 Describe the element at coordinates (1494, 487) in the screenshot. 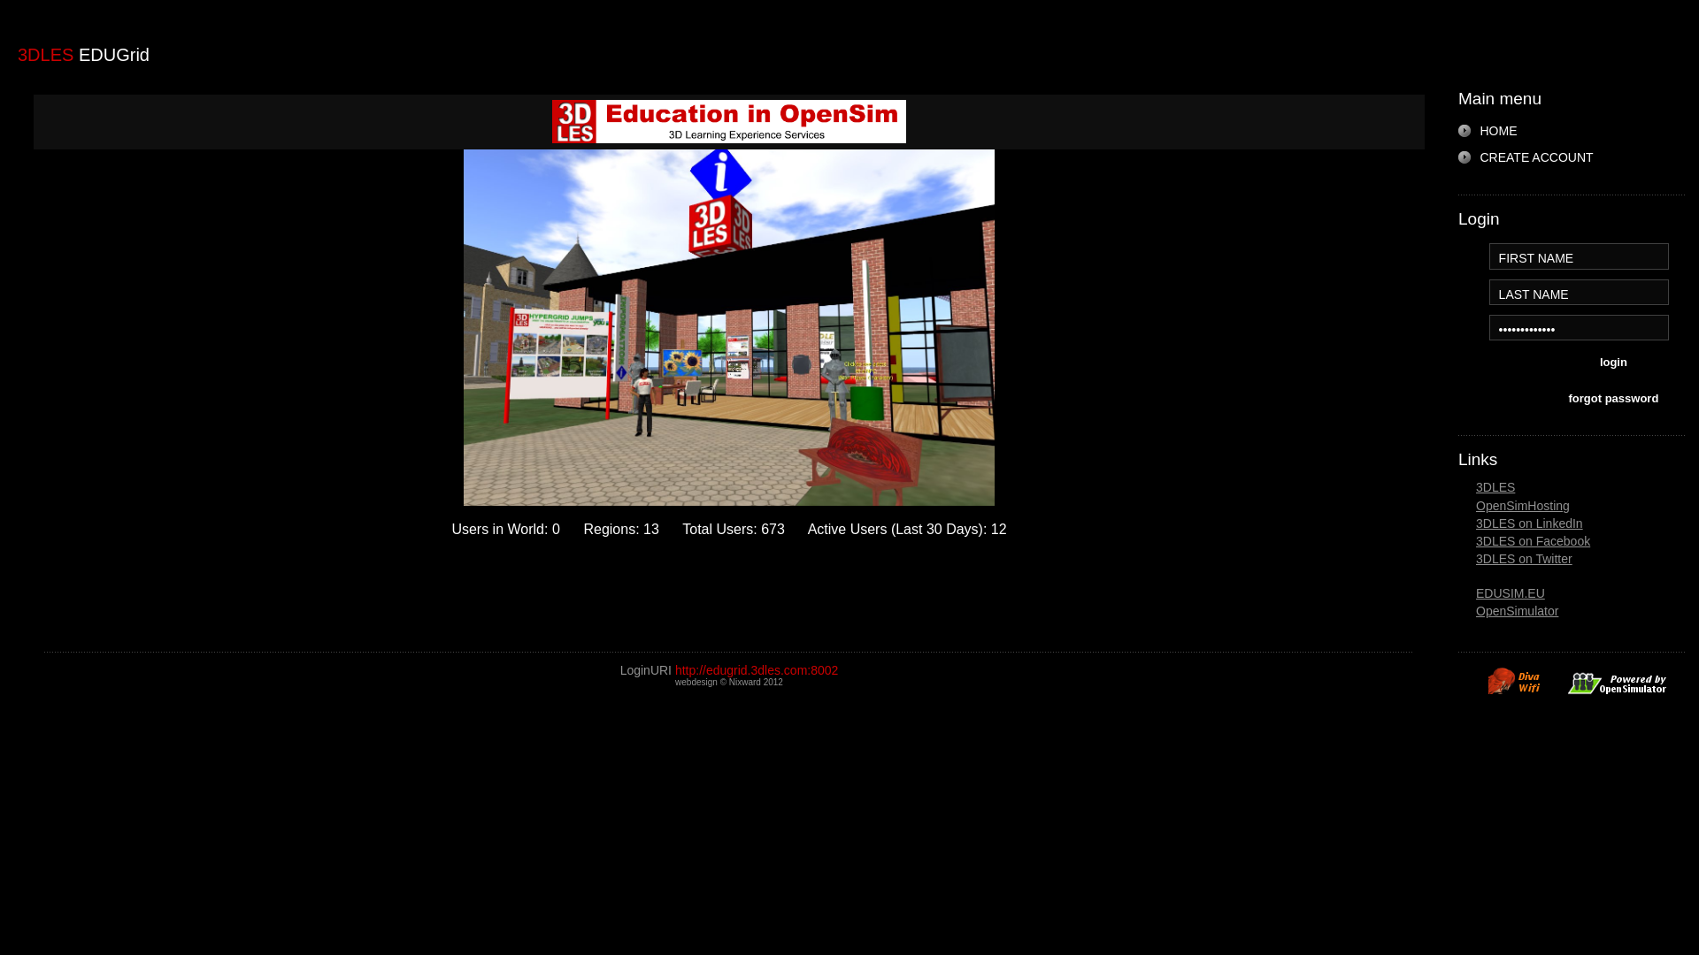

I see `'3DLES'` at that location.